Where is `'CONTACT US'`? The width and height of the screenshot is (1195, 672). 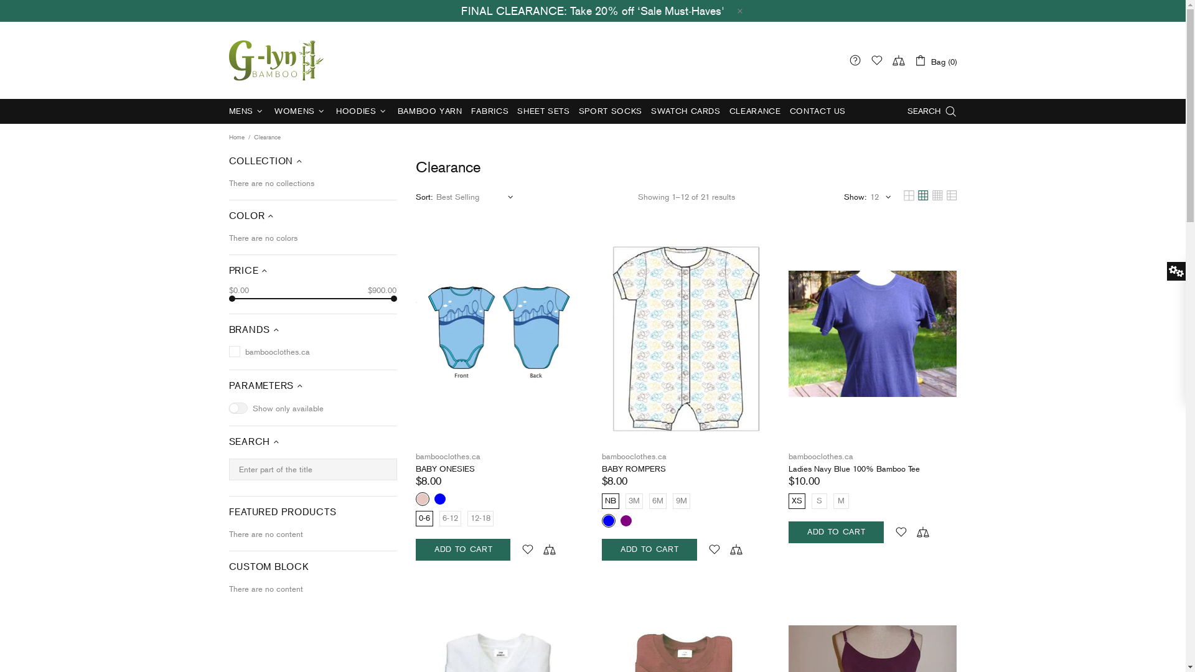
'CONTACT US' is located at coordinates (818, 110).